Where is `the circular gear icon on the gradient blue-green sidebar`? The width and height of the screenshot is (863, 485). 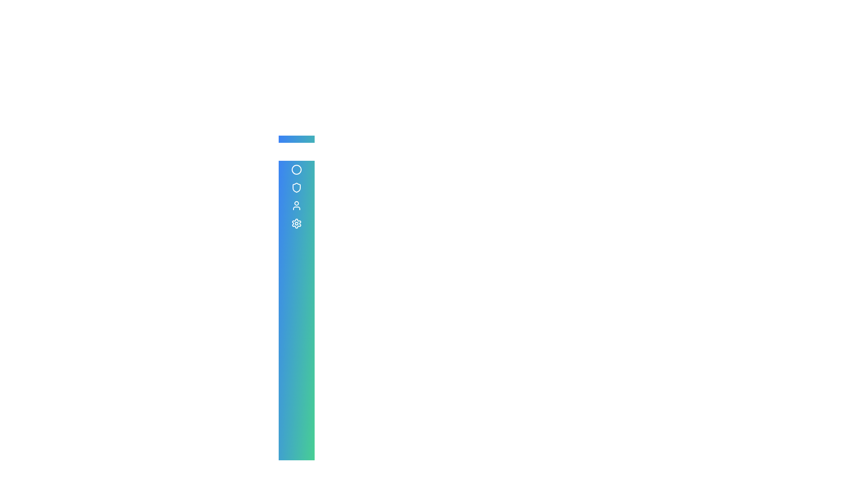 the circular gear icon on the gradient blue-green sidebar is located at coordinates (297, 223).